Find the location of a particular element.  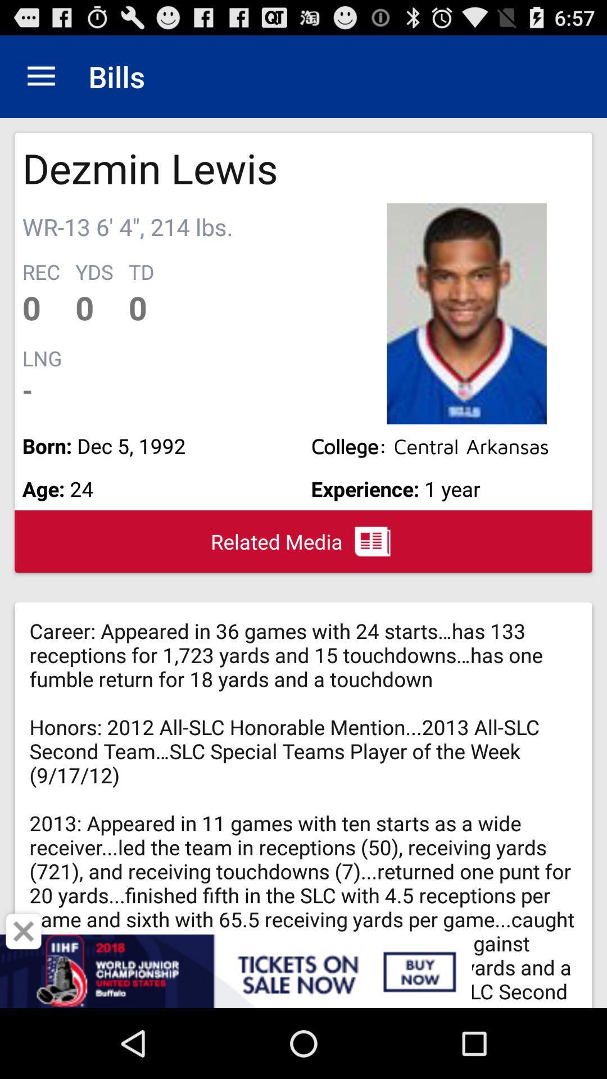

click off advertisements is located at coordinates (24, 931).